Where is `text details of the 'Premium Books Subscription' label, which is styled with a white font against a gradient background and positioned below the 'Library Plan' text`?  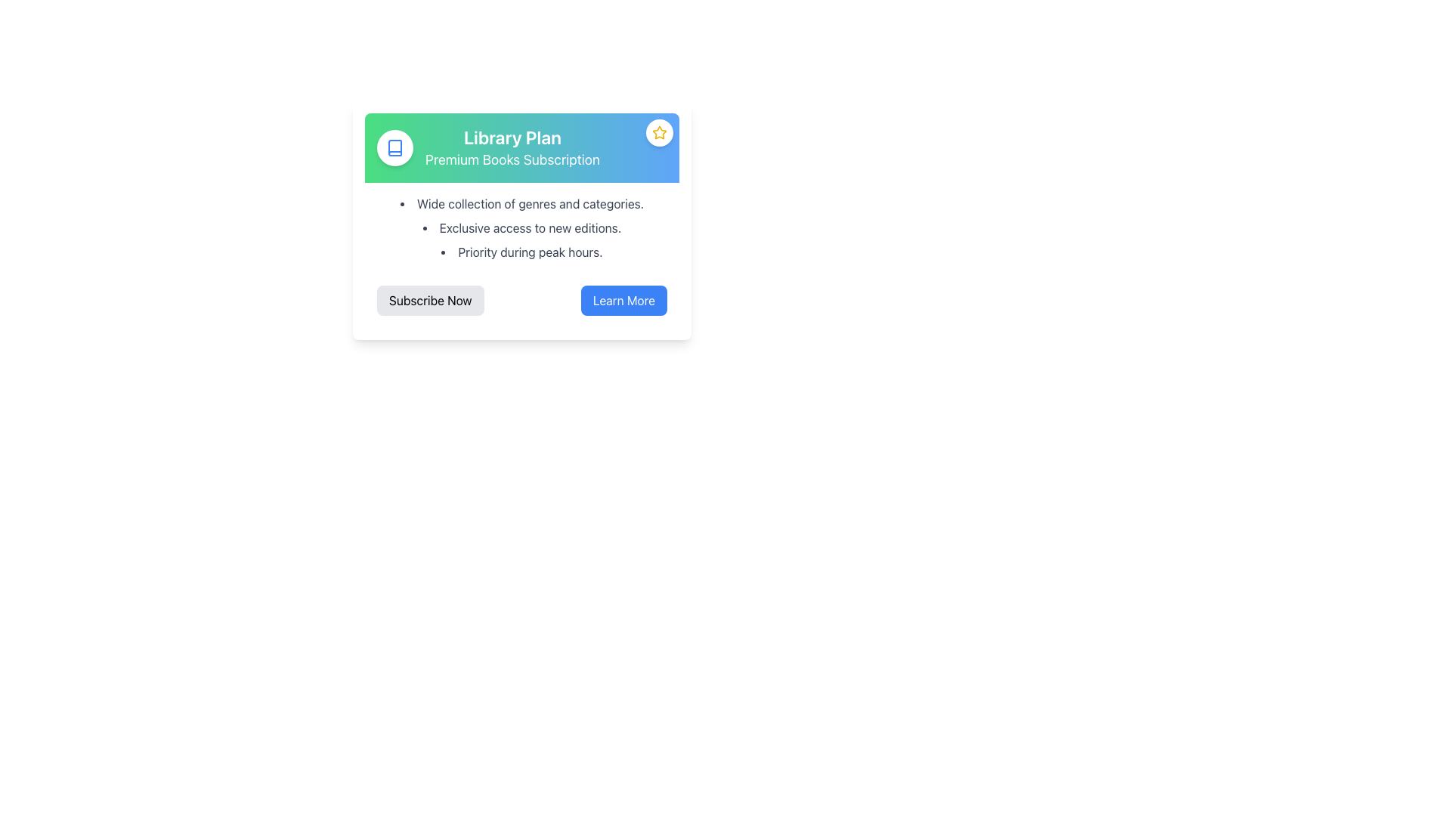
text details of the 'Premium Books Subscription' label, which is styled with a white font against a gradient background and positioned below the 'Library Plan' text is located at coordinates (512, 160).